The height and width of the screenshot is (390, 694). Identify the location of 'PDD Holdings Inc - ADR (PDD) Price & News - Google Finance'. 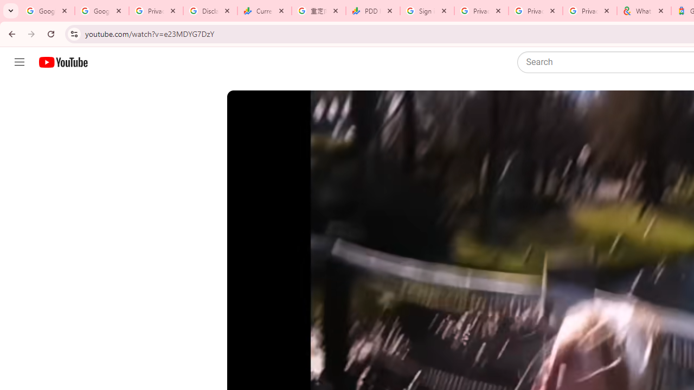
(373, 11).